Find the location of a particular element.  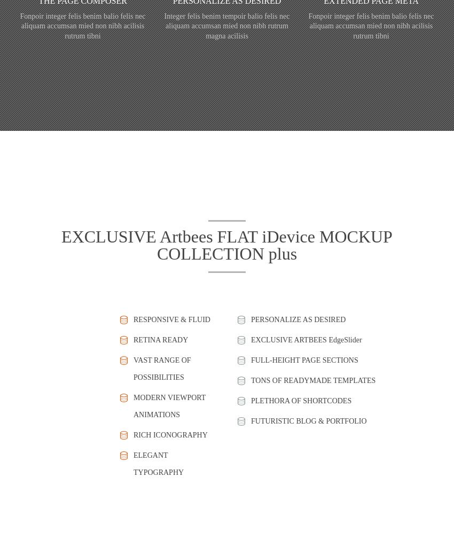

'FUTURISTIC BLOG & PORTFOLIO' is located at coordinates (251, 420).